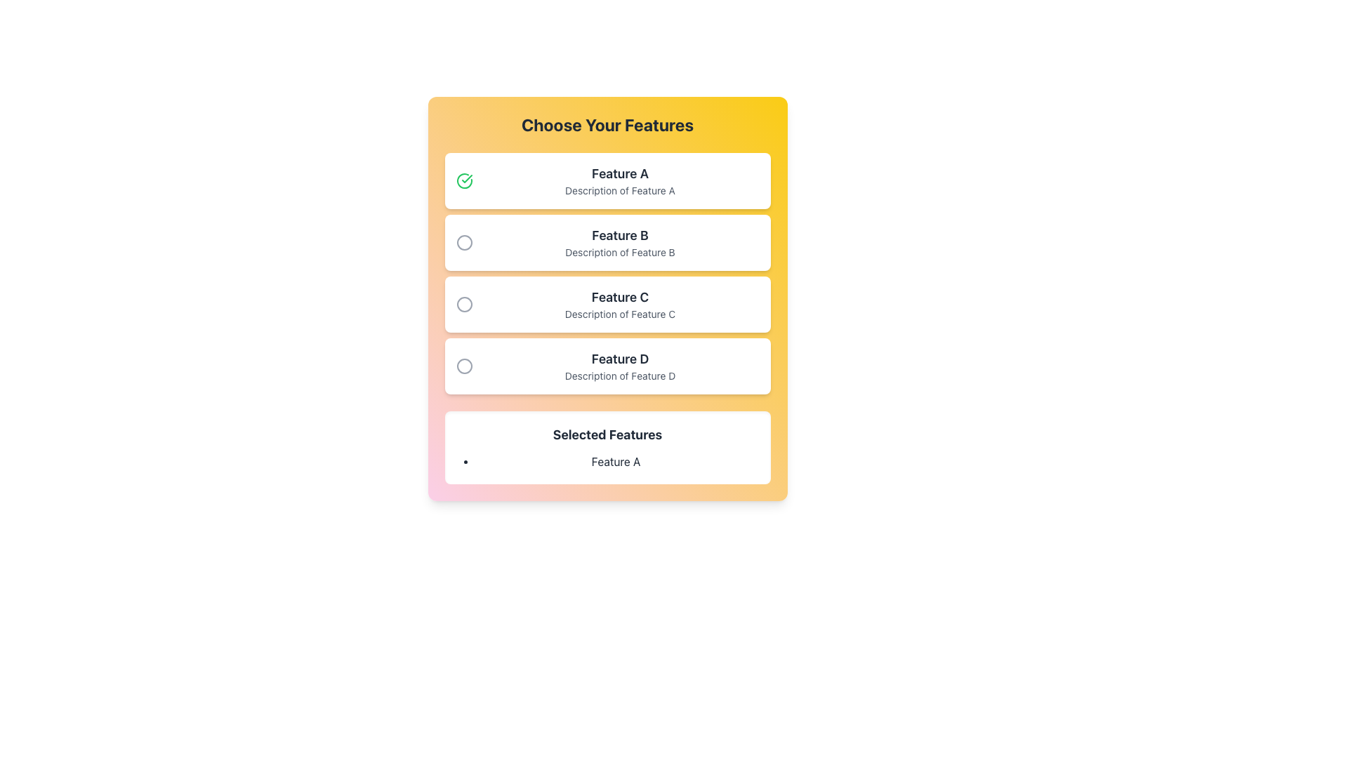  What do you see at coordinates (619, 191) in the screenshot?
I see `text label providing additional descriptive information about 'Feature A', located directly beneath the text 'Feature A' in the first card of a vertical list of selectable options` at bounding box center [619, 191].